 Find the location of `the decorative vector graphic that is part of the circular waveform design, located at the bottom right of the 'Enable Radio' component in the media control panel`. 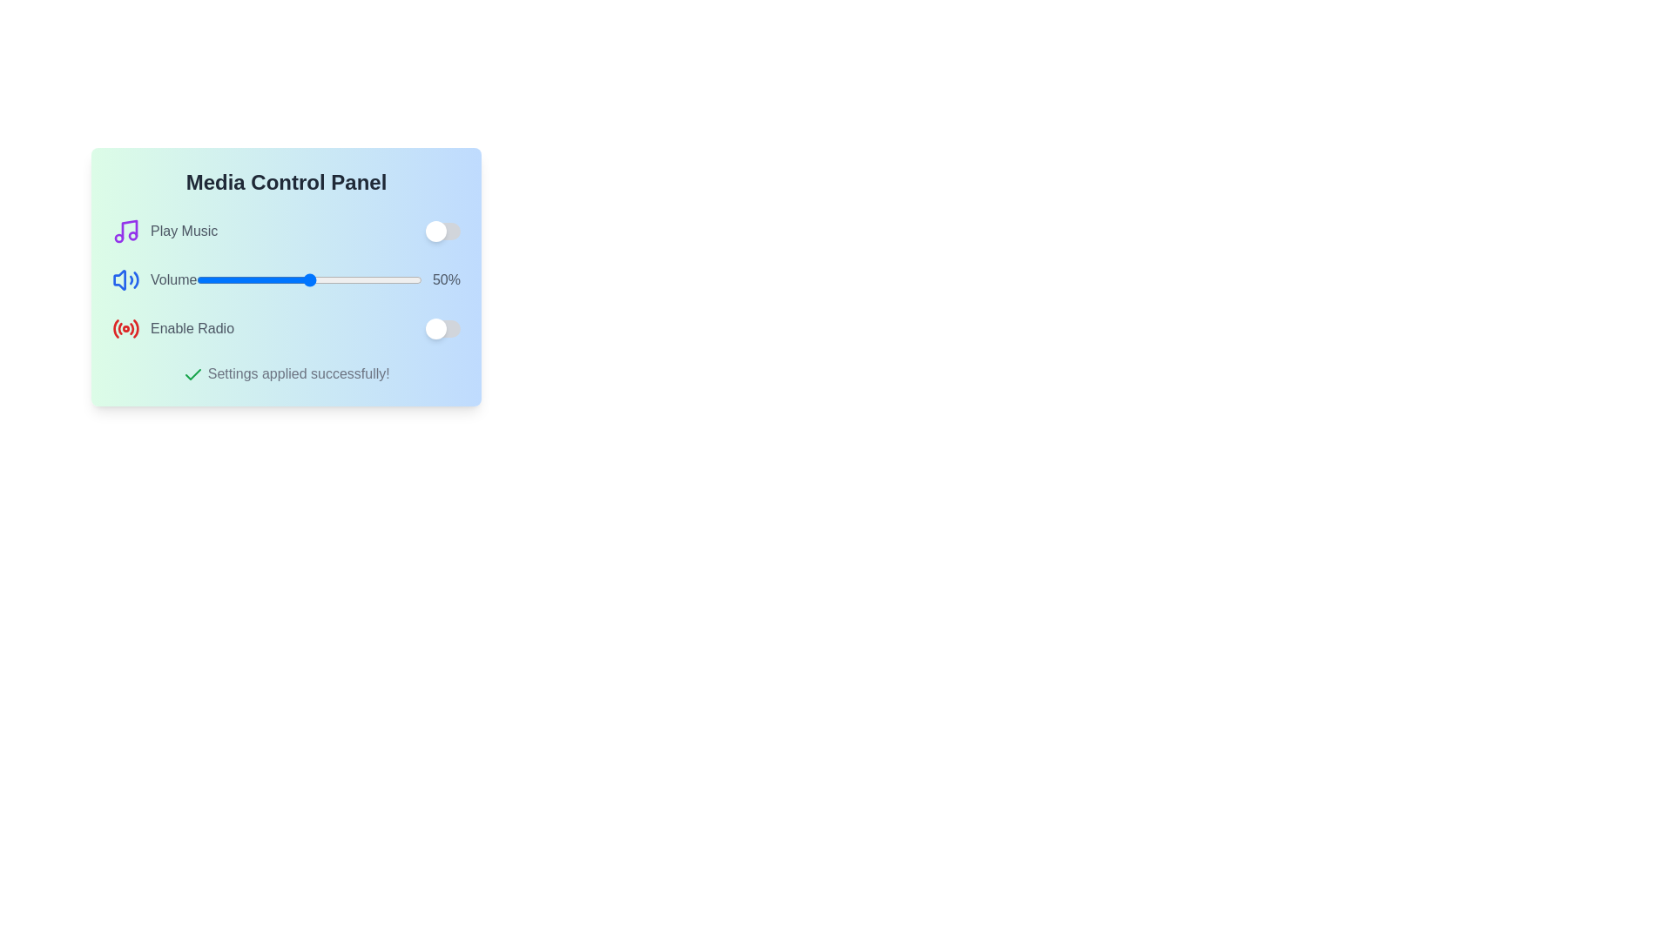

the decorative vector graphic that is part of the circular waveform design, located at the bottom right of the 'Enable Radio' component in the media control panel is located at coordinates (135, 328).